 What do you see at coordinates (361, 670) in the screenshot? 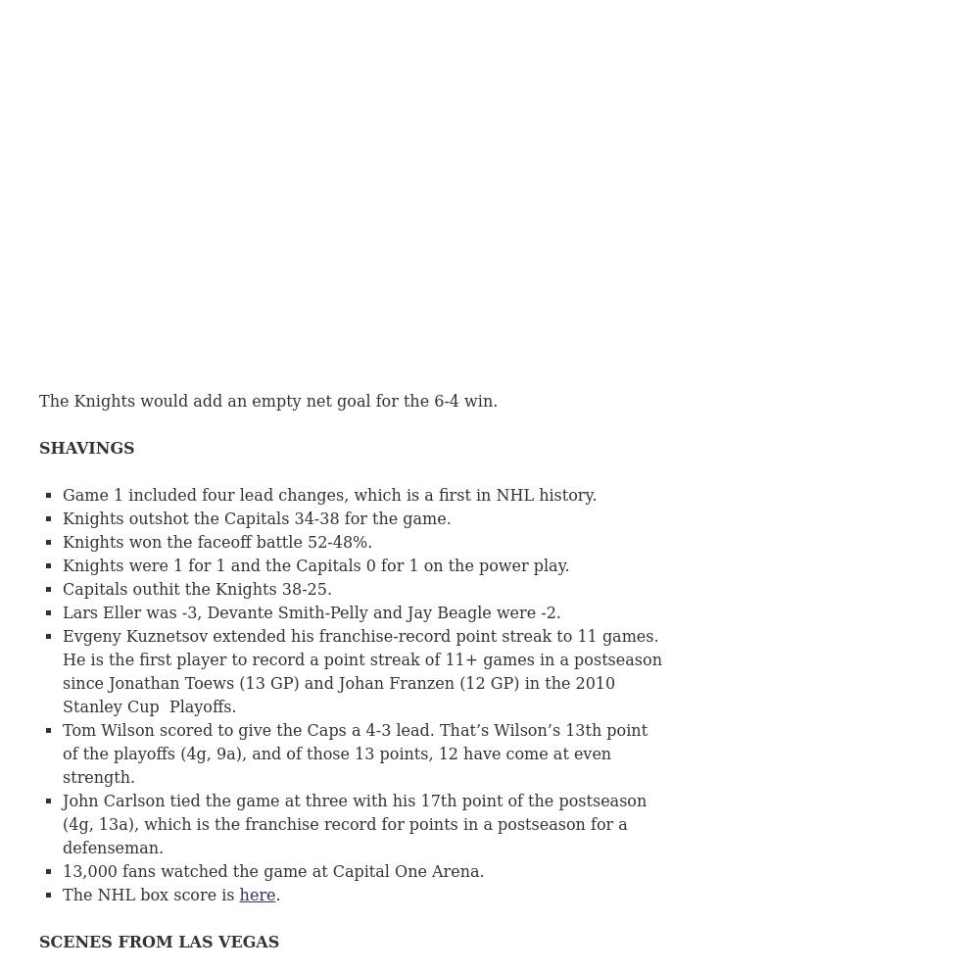
I see `'Evgeny Kuznetsov extended his franchise-record point streak to 11 games. He is the first player to record a point streak of 11+ games in a postseason since Jonathan Toews (13 GP) and Johan Franzen (12 GP) in the 2010 Stanley Cup  Playoffs.'` at bounding box center [361, 670].